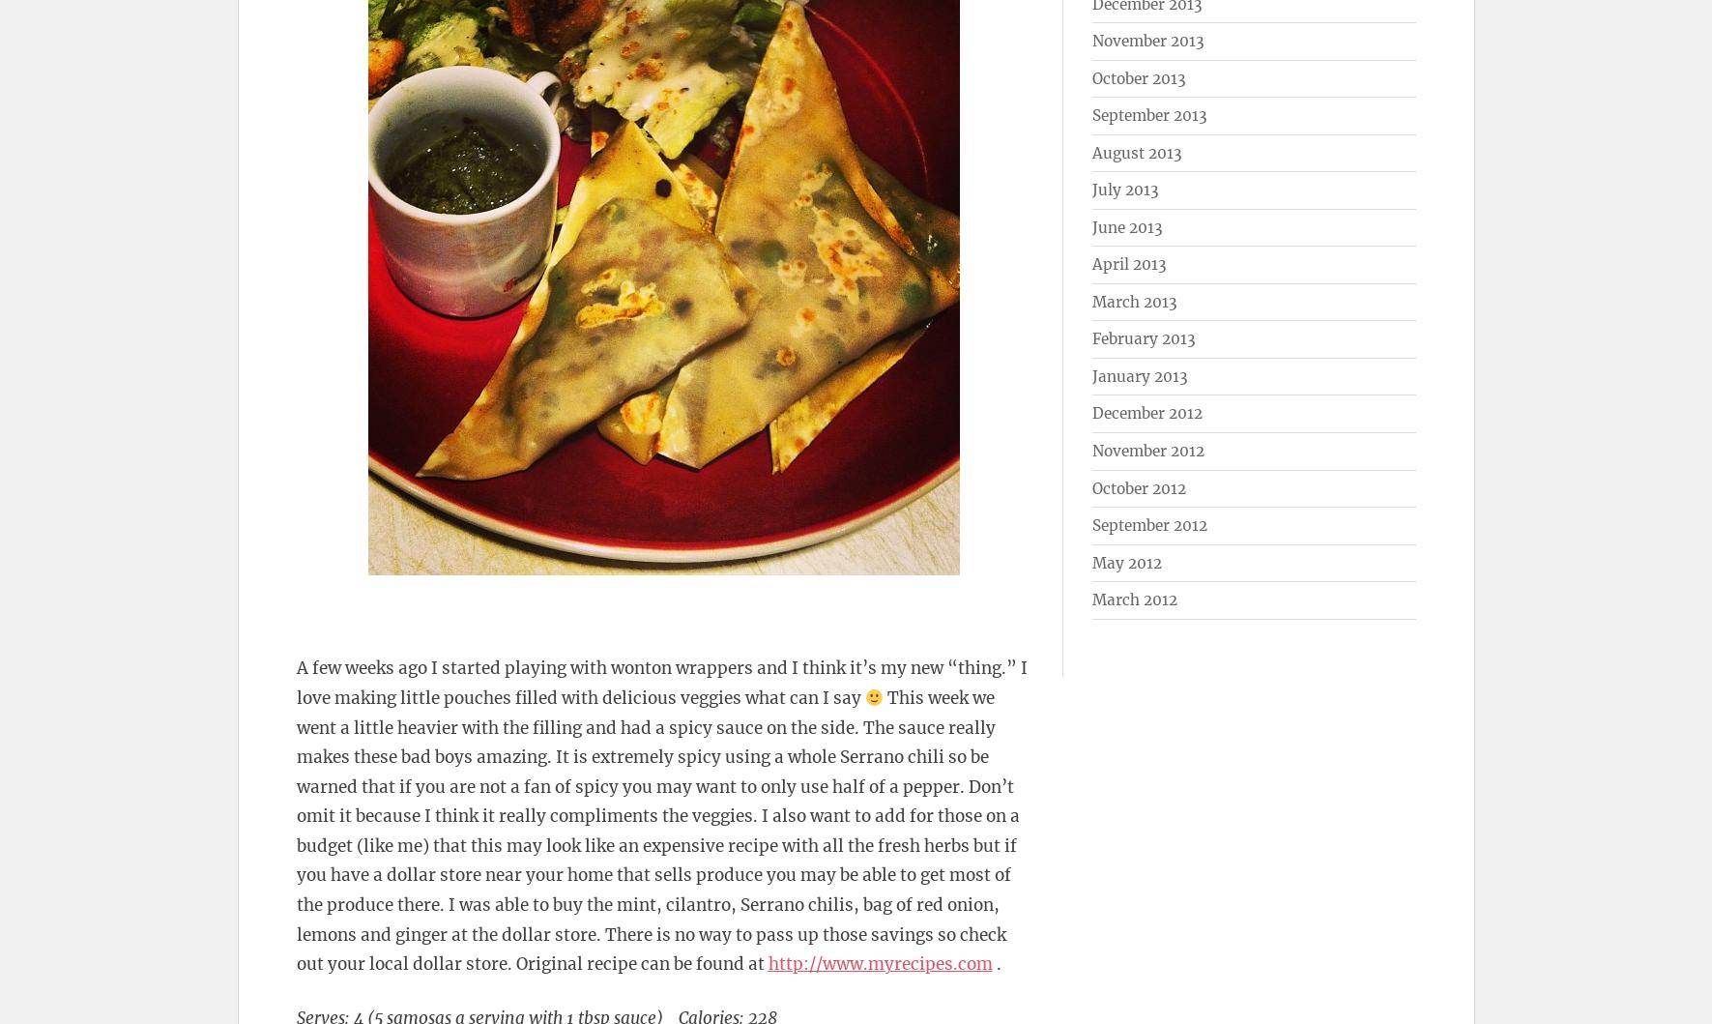  Describe the element at coordinates (1143, 337) in the screenshot. I see `'February 2013'` at that location.